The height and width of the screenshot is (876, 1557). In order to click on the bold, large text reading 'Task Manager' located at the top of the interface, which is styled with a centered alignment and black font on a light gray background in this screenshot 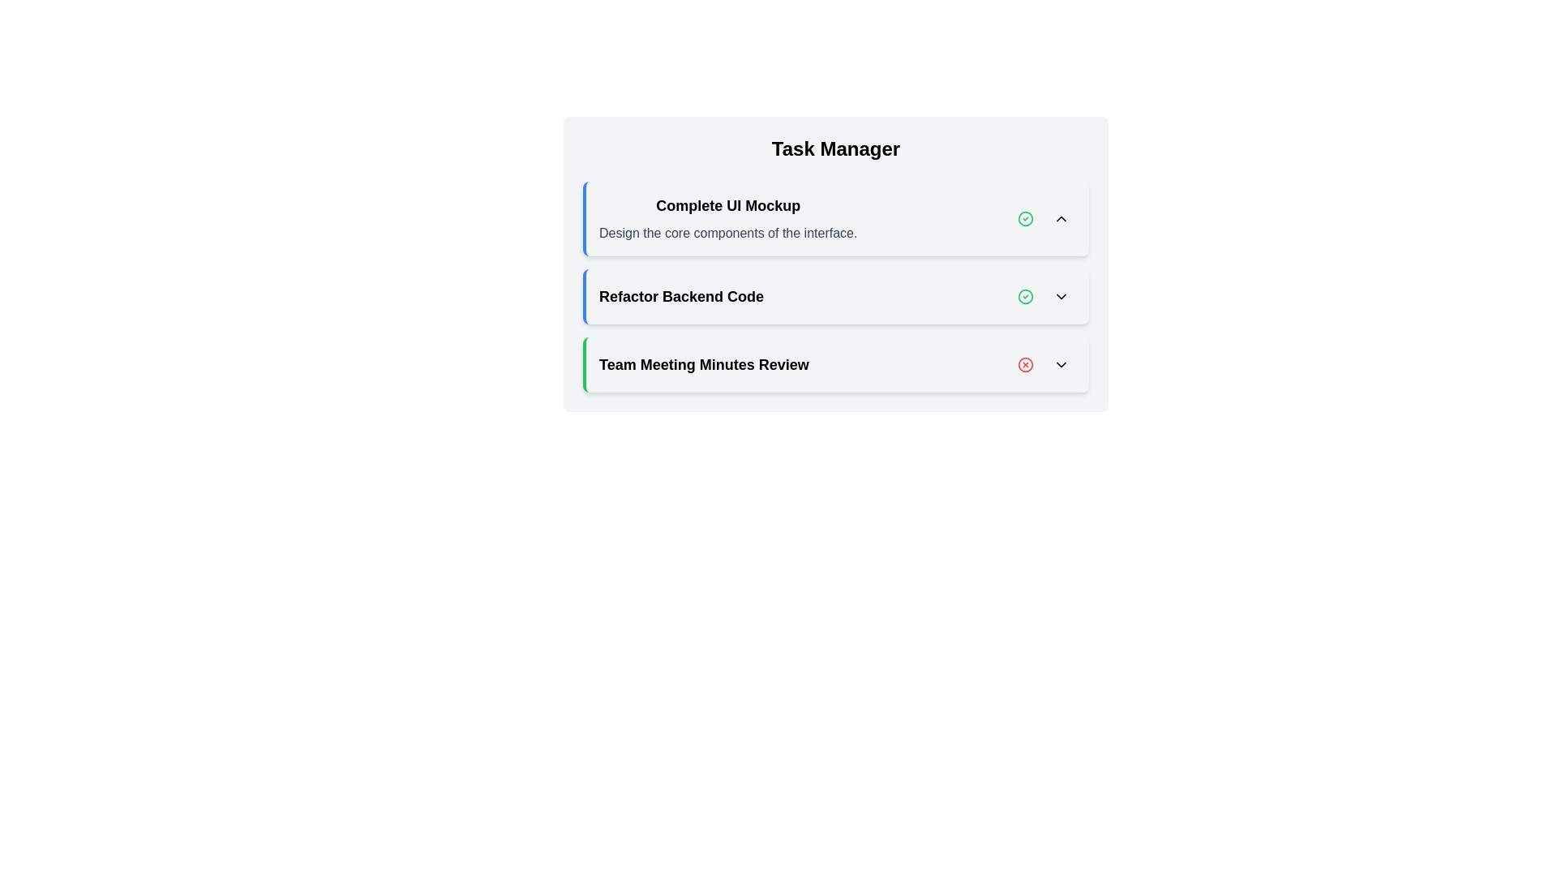, I will do `click(836, 149)`.